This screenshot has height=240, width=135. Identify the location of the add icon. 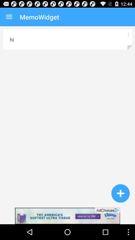
(120, 207).